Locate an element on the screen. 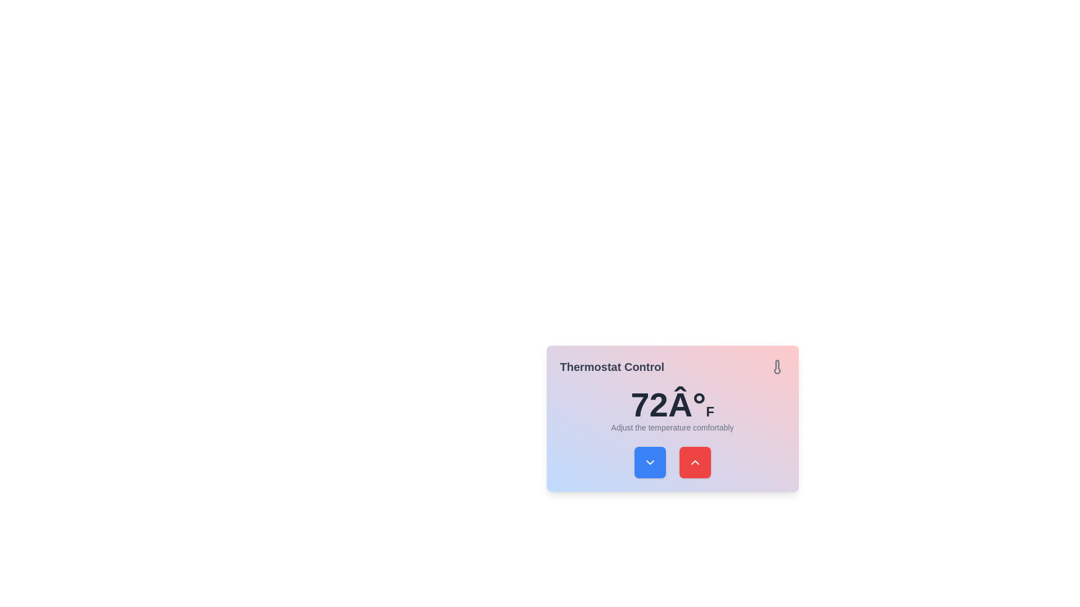  the blue square button icon that decreases the temperature setting, located directly below the central temperature display on the thermostat control interface is located at coordinates (650, 462).